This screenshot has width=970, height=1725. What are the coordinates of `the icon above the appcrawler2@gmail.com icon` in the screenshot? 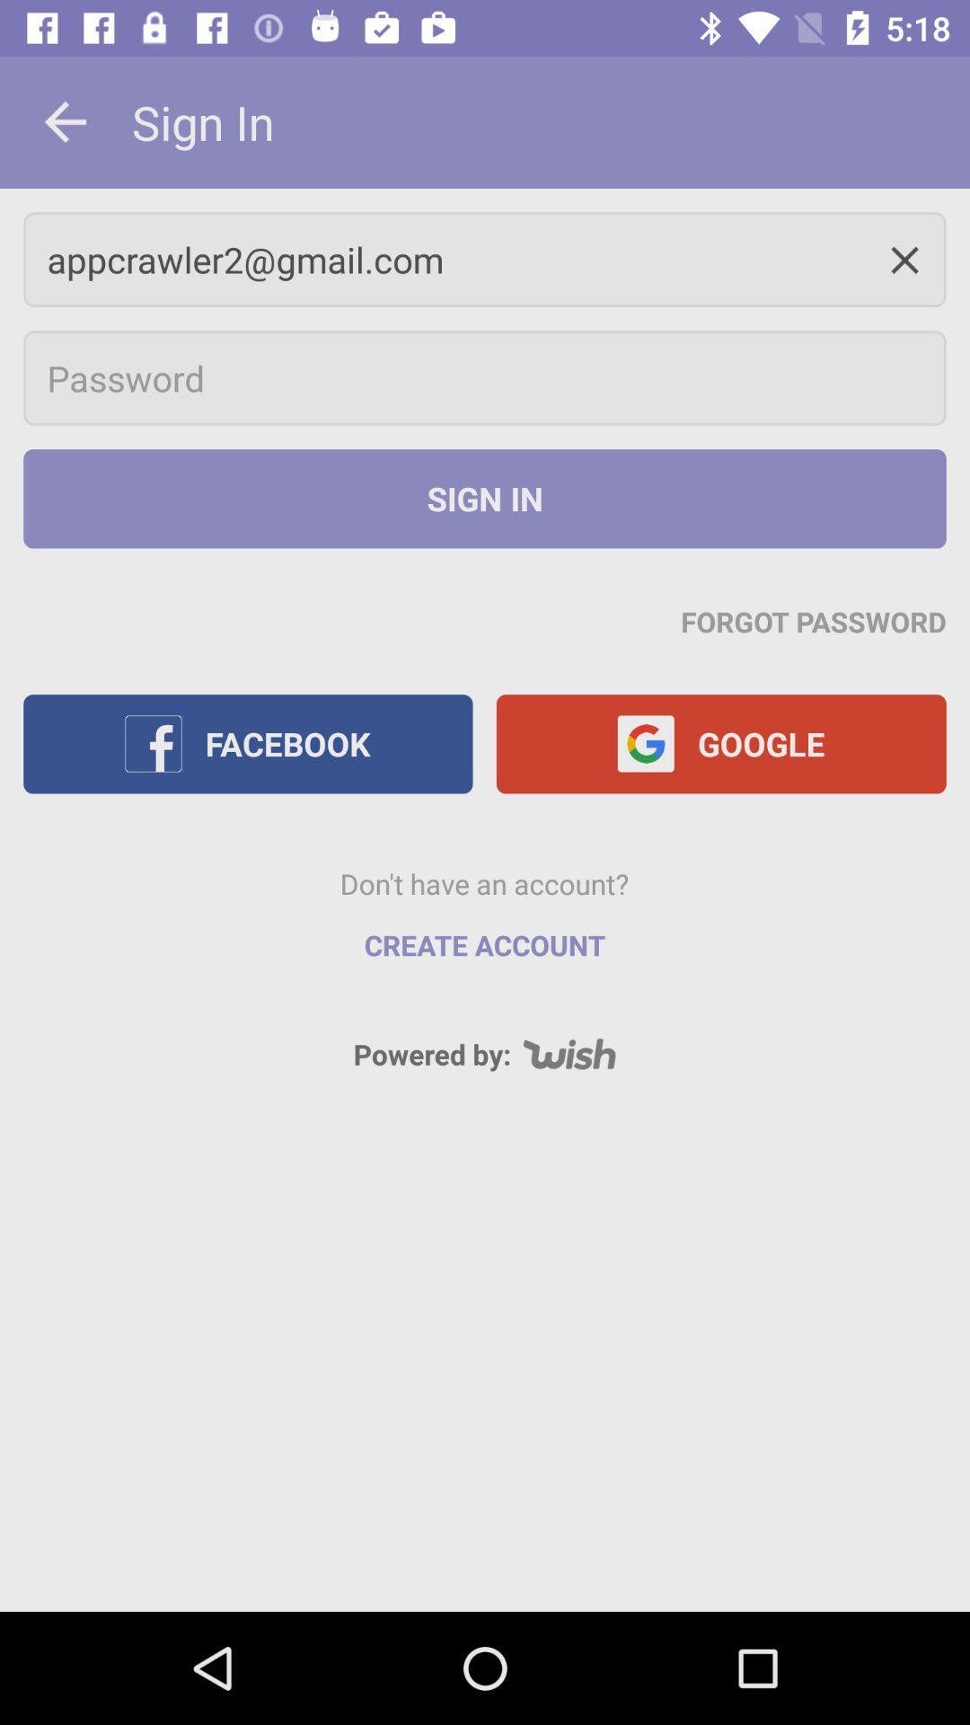 It's located at (65, 121).